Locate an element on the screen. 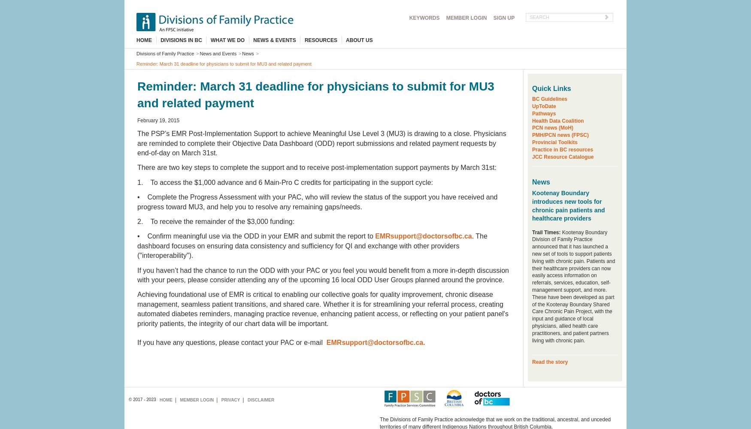 The image size is (751, 429). 'Home' is located at coordinates (165, 400).